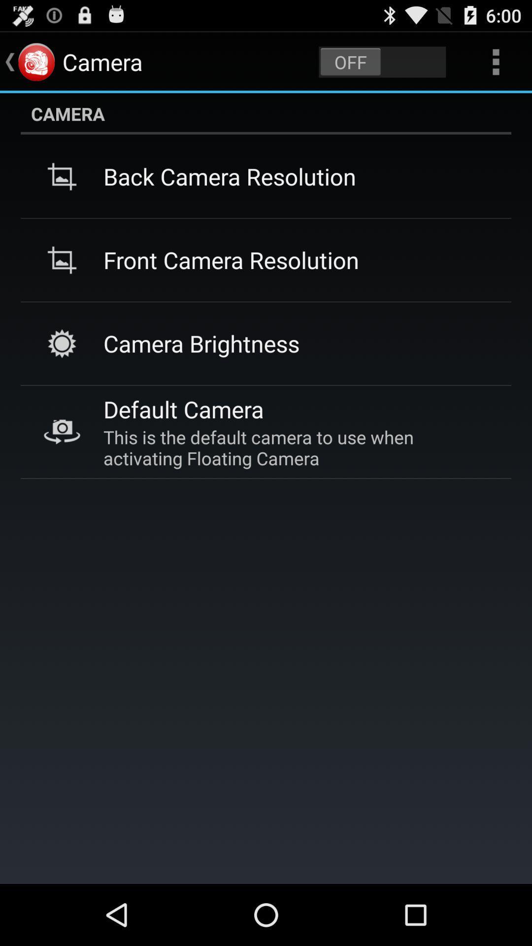  I want to click on camera brightness app, so click(201, 343).